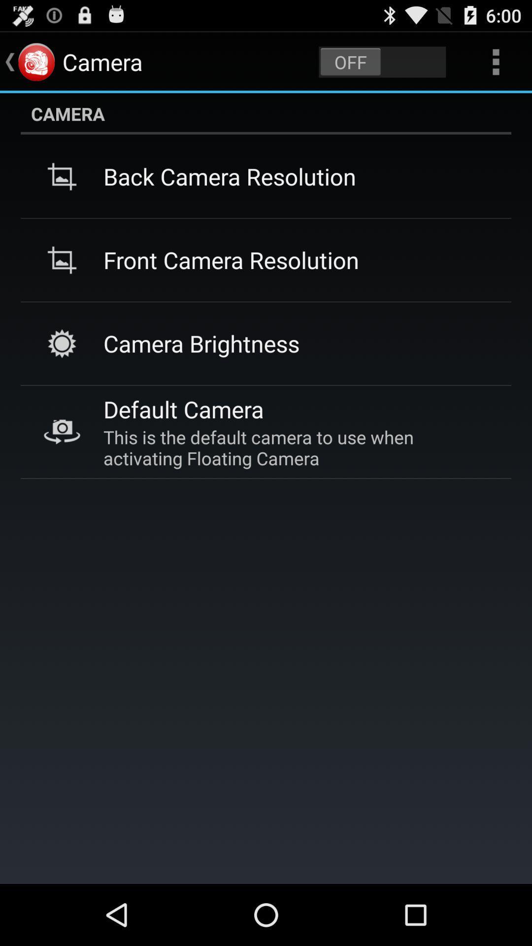  I want to click on camera brightness app, so click(201, 343).